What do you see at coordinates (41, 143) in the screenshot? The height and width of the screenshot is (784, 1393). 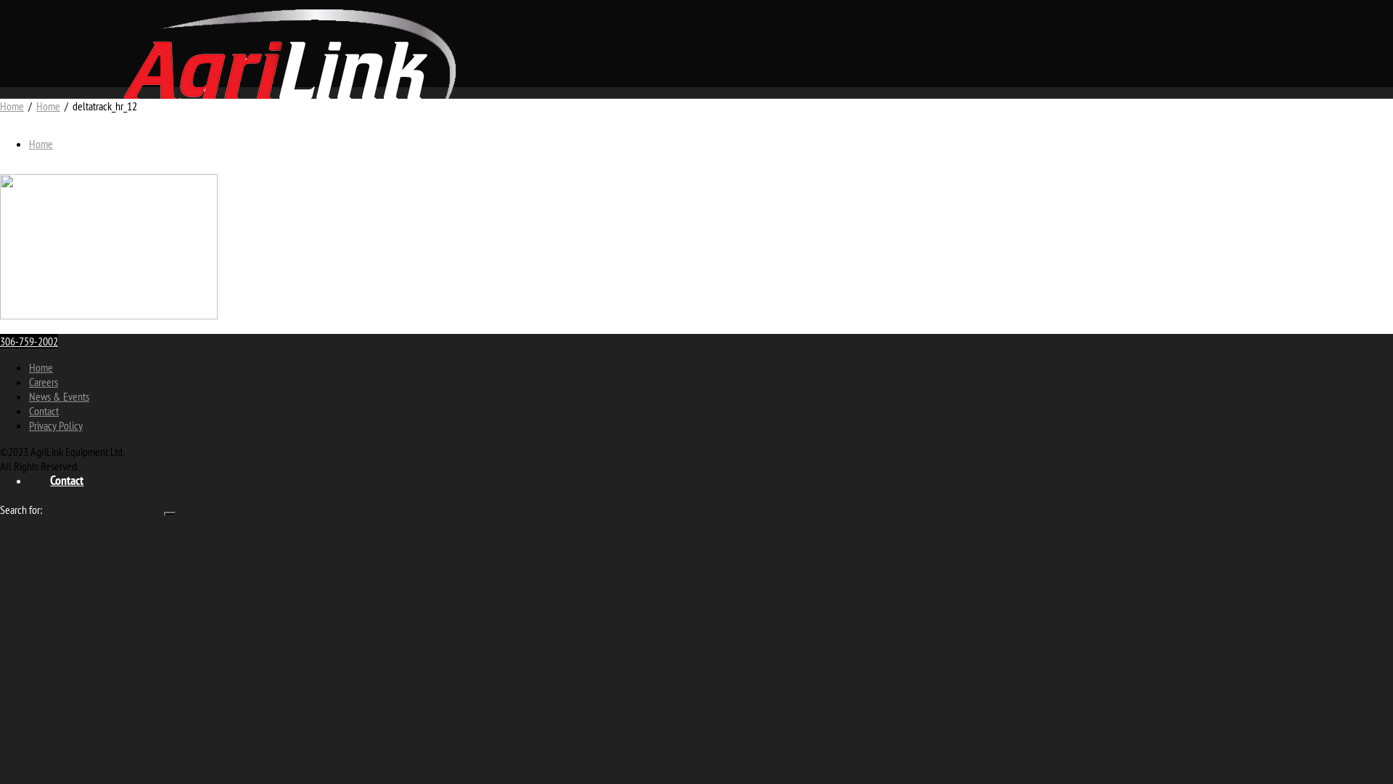 I see `'Home'` at bounding box center [41, 143].